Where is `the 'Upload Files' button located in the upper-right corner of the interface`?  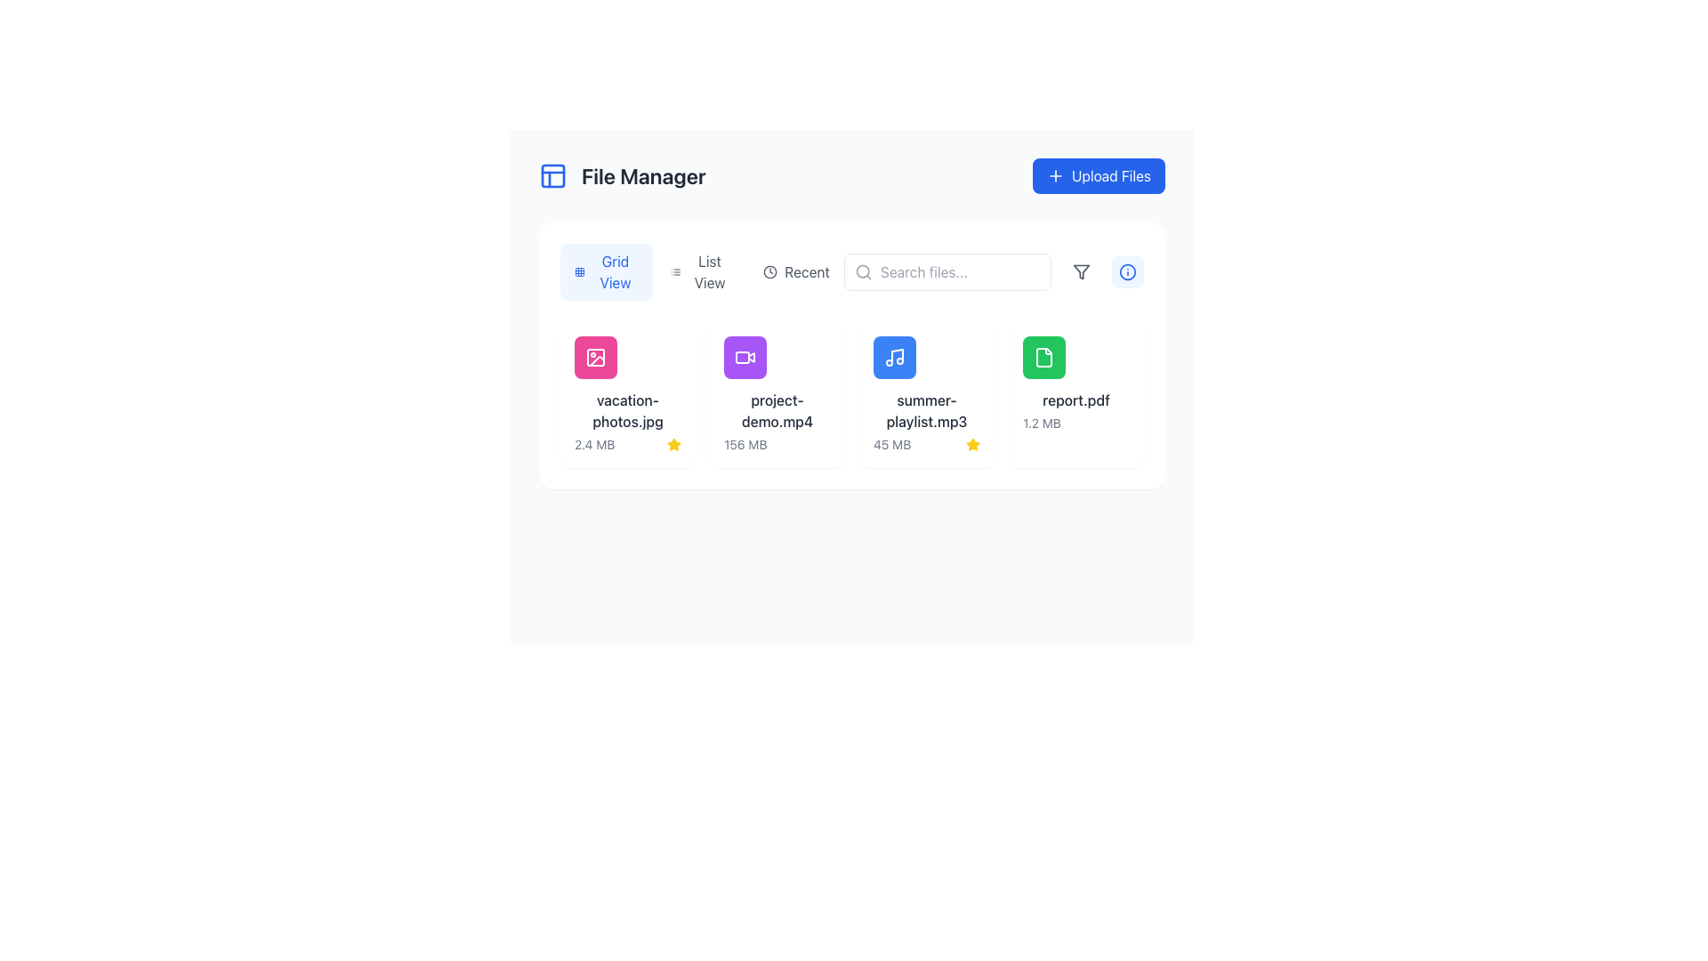
the 'Upload Files' button located in the upper-right corner of the interface is located at coordinates (1098, 175).